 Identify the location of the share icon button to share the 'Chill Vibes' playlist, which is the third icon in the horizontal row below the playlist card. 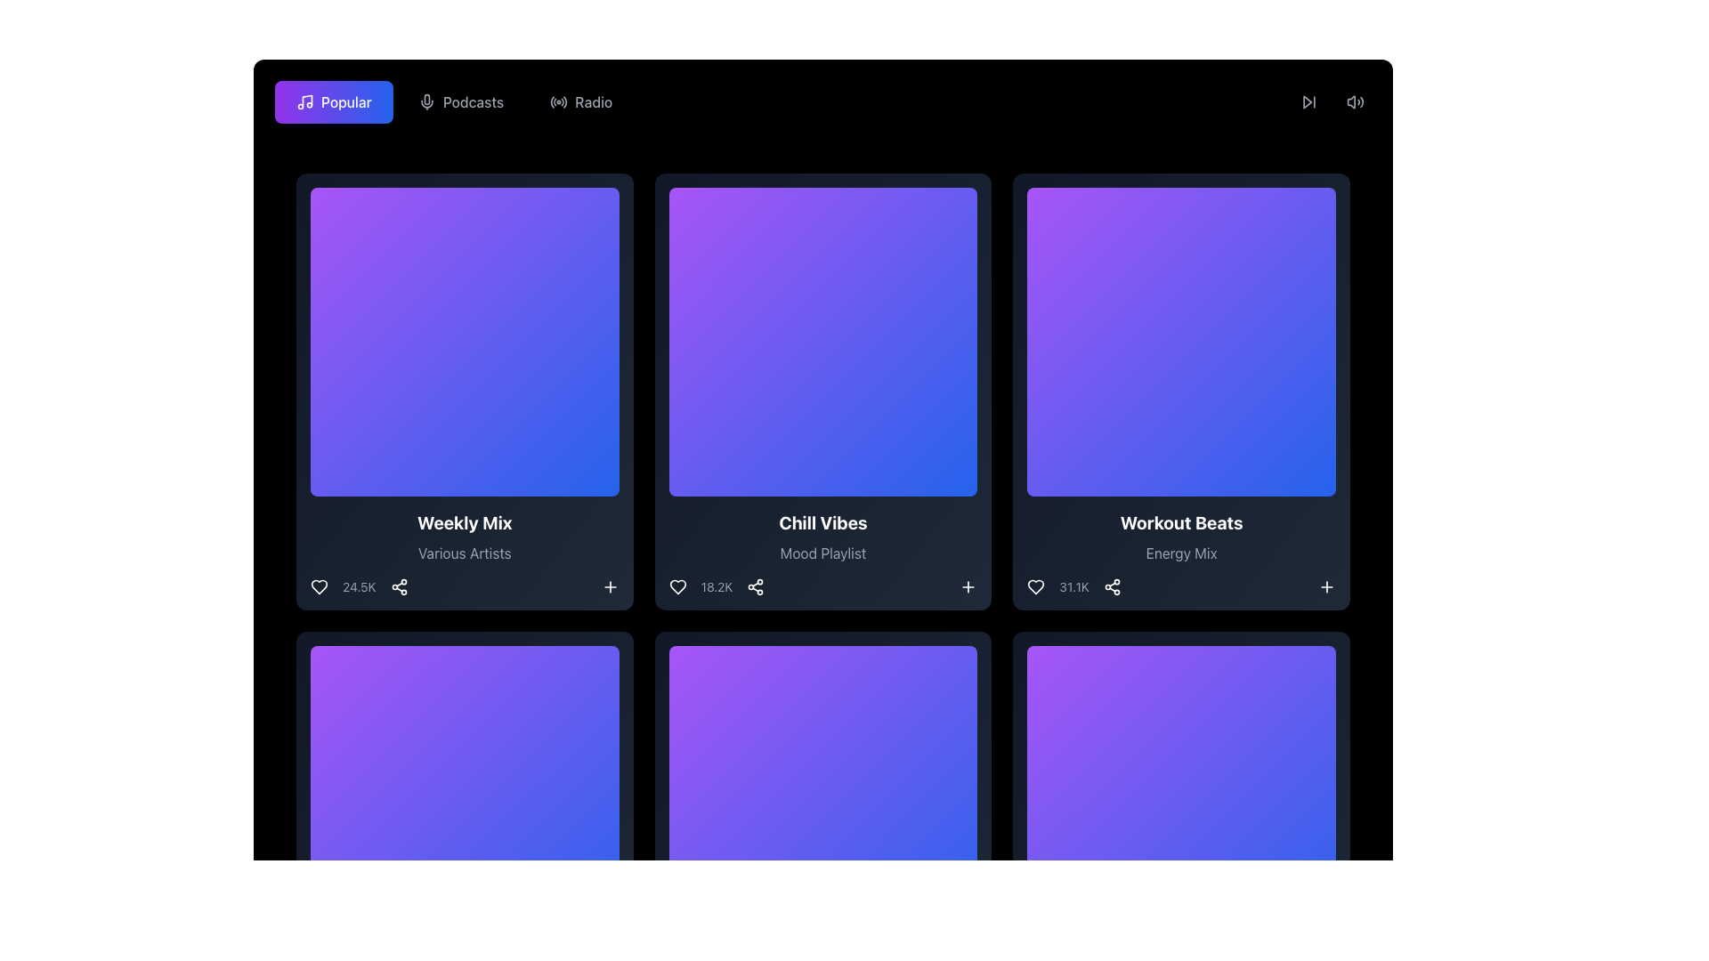
(756, 586).